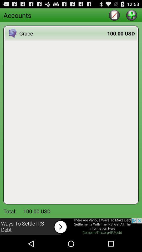  I want to click on click on the advertisement, so click(71, 227).